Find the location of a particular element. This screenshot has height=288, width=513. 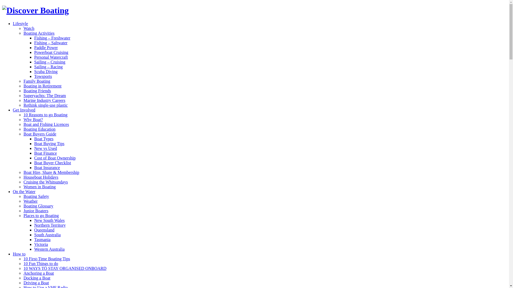

'Lifestyle' is located at coordinates (20, 23).